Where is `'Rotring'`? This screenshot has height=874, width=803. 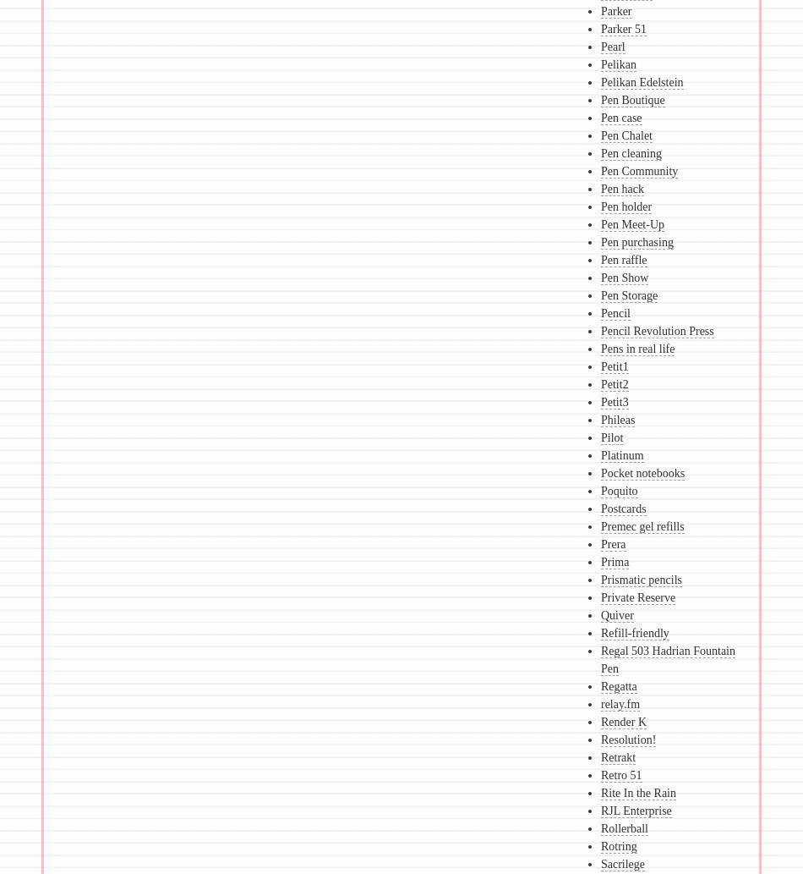 'Rotring' is located at coordinates (617, 845).